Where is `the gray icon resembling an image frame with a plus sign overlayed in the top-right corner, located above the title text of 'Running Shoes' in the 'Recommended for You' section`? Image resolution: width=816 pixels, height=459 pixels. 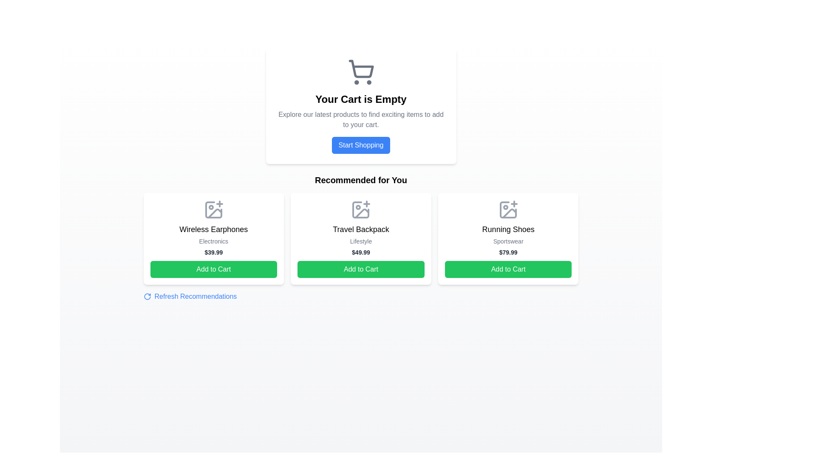
the gray icon resembling an image frame with a plus sign overlayed in the top-right corner, located above the title text of 'Running Shoes' in the 'Recommended for You' section is located at coordinates (508, 210).